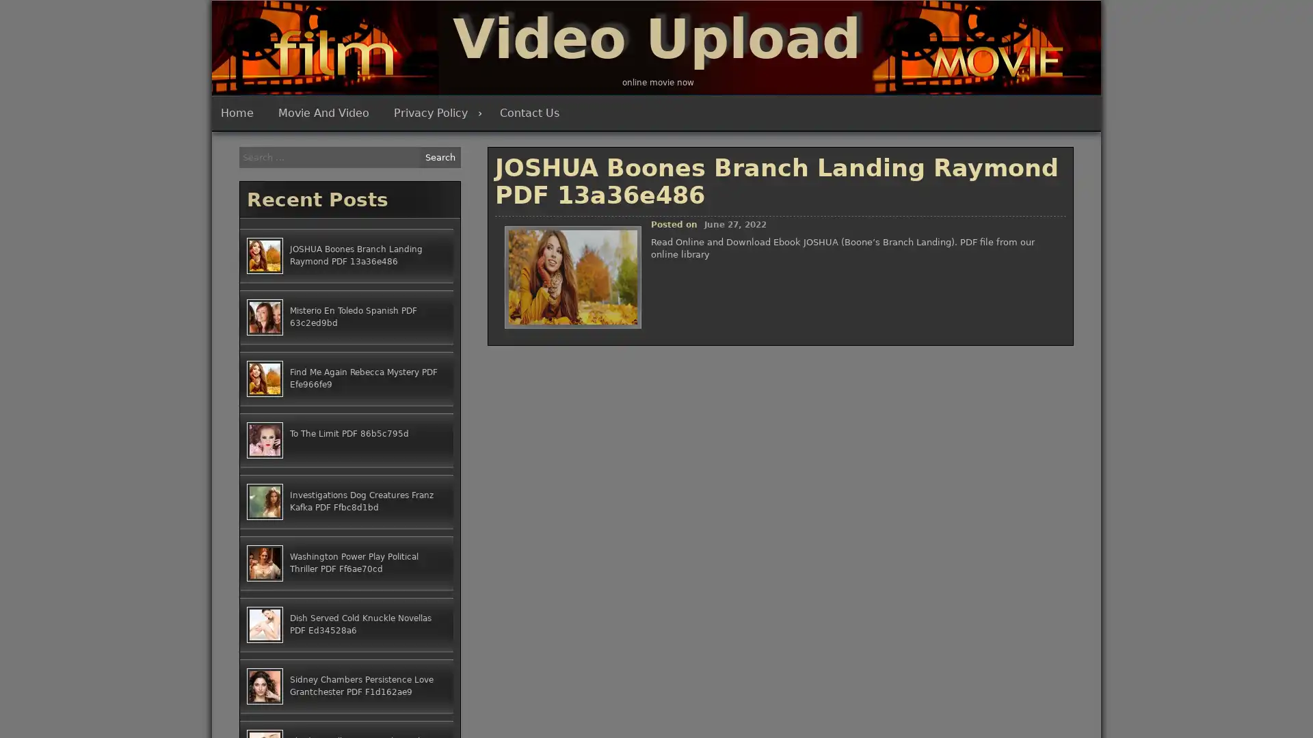 The height and width of the screenshot is (738, 1313). I want to click on Search, so click(440, 156).